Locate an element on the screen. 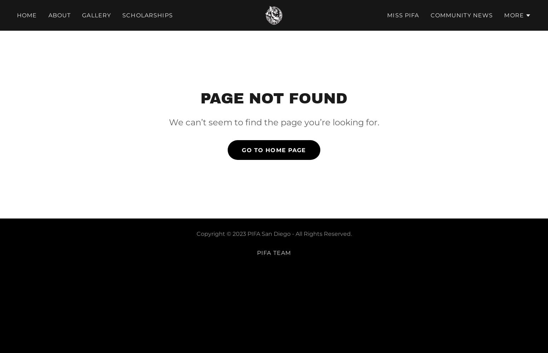 This screenshot has width=548, height=353. 'About' is located at coordinates (59, 15).